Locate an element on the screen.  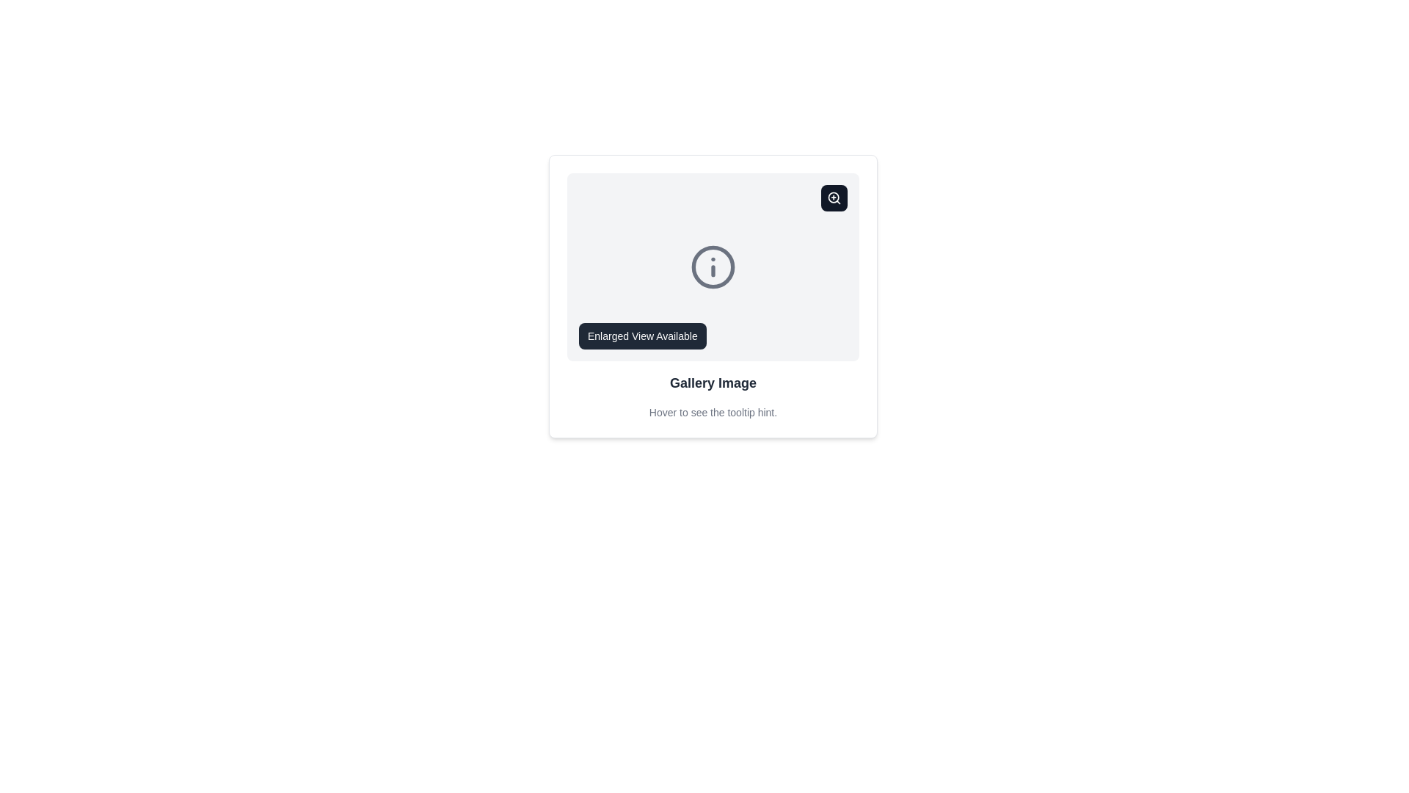
the circular magnifying glass icon button located at the top-right corner of the gray card interface to receive a tooltip or visual feedback is located at coordinates (834, 198).